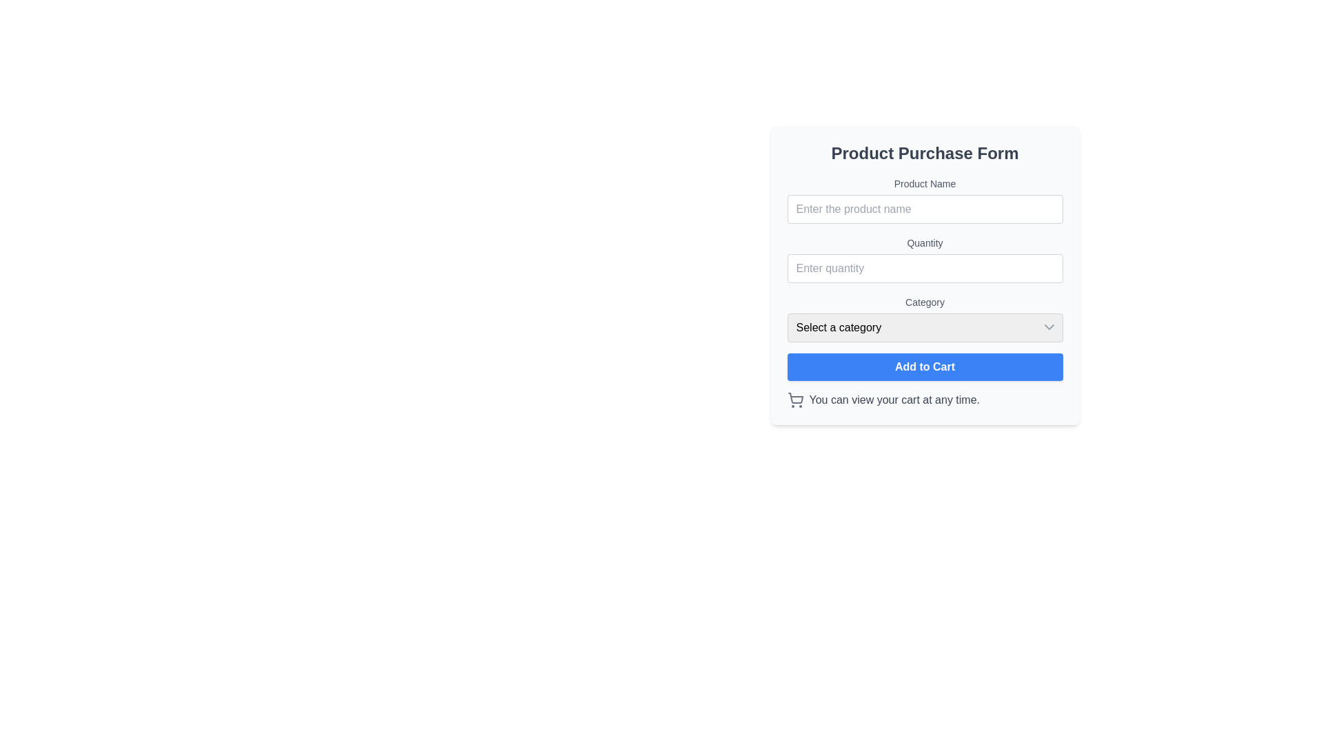  I want to click on the cart icon located at the bottom-left corner of the product purchase form, which visually represents the cart functionality, so click(795, 400).